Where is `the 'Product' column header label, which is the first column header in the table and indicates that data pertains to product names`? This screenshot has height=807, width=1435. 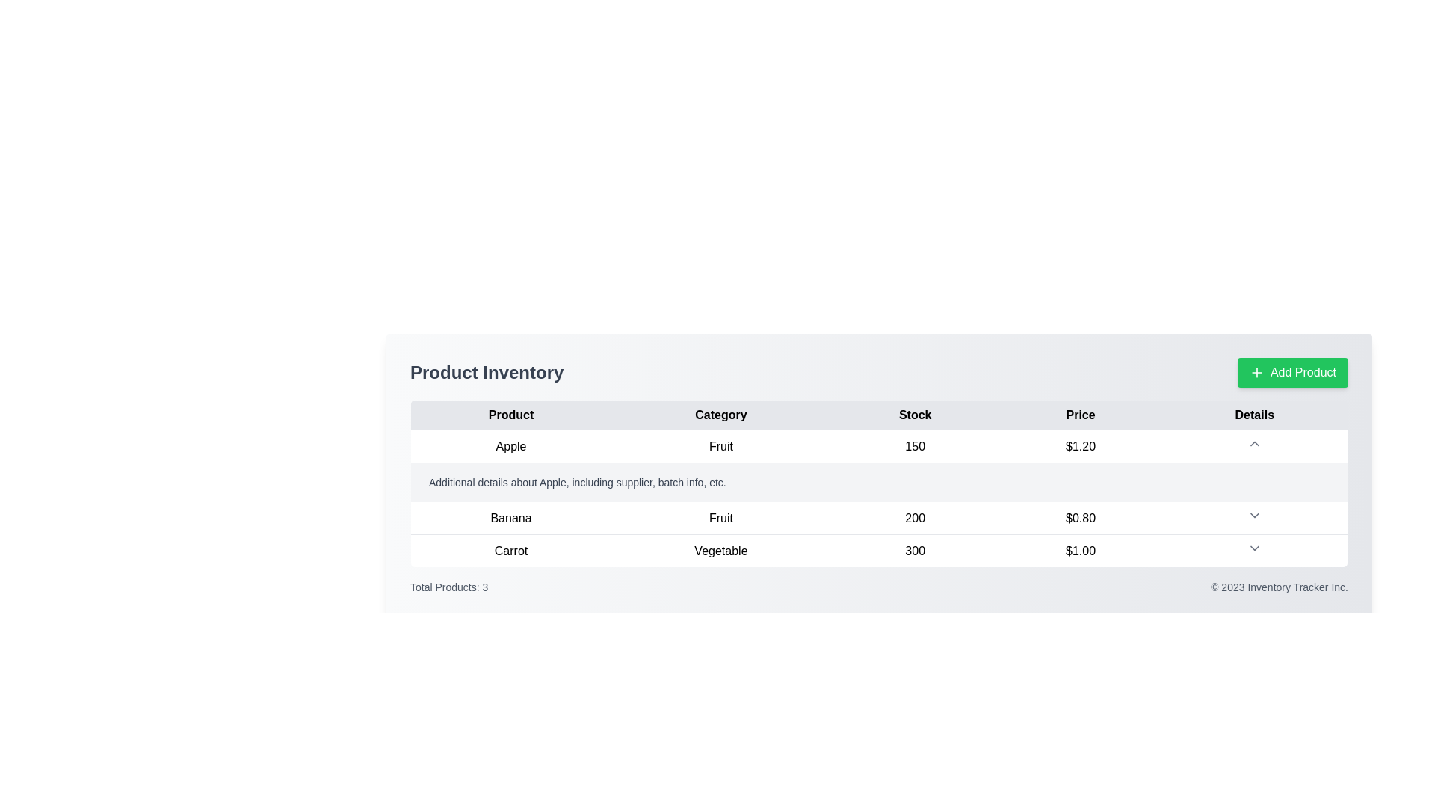 the 'Product' column header label, which is the first column header in the table and indicates that data pertains to product names is located at coordinates (510, 415).